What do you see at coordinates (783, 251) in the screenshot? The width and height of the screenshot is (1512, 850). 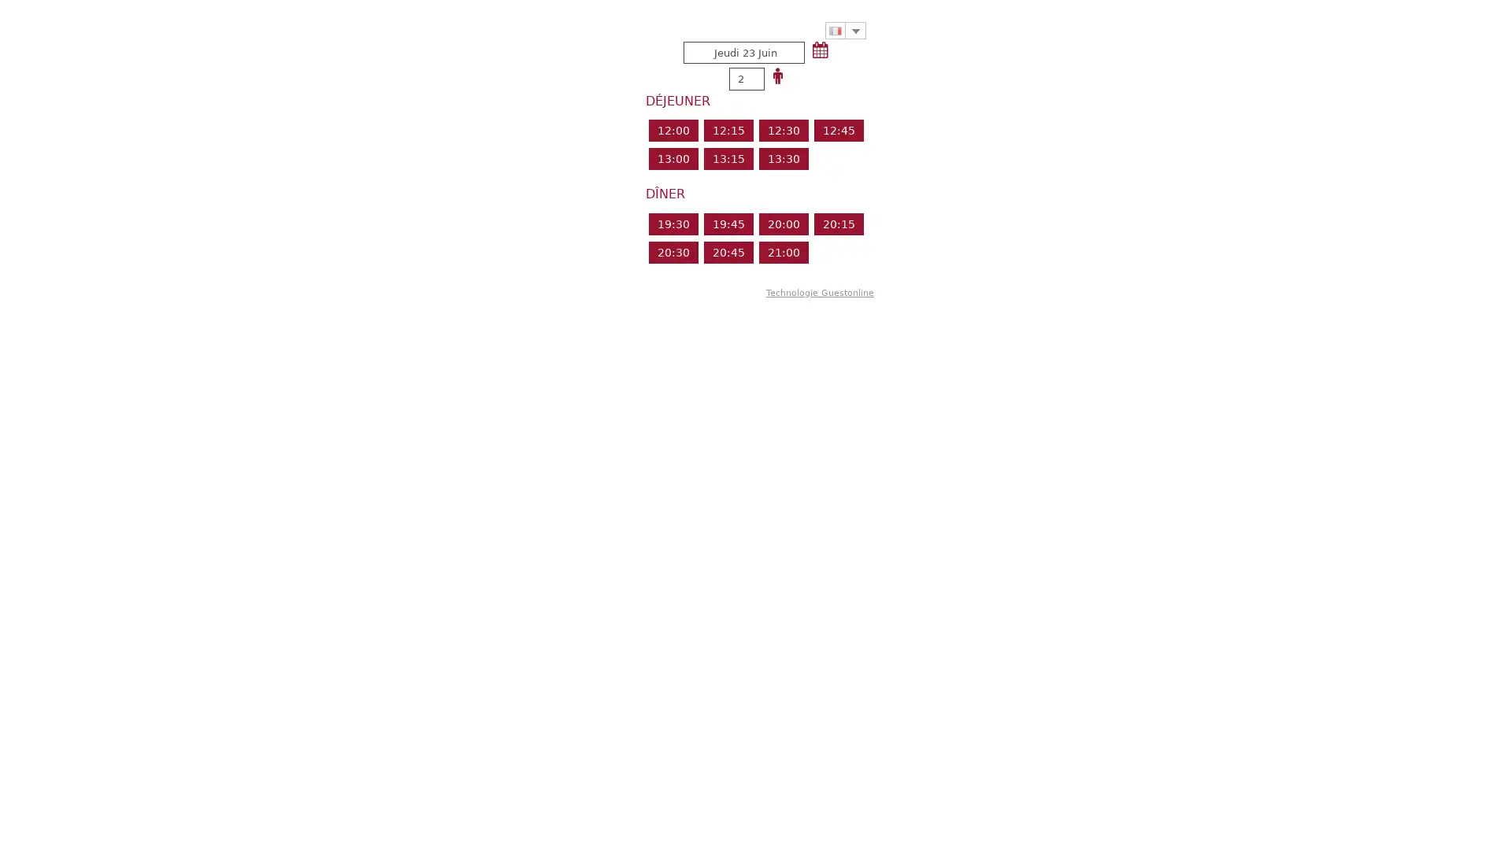 I see `21:00` at bounding box center [783, 251].